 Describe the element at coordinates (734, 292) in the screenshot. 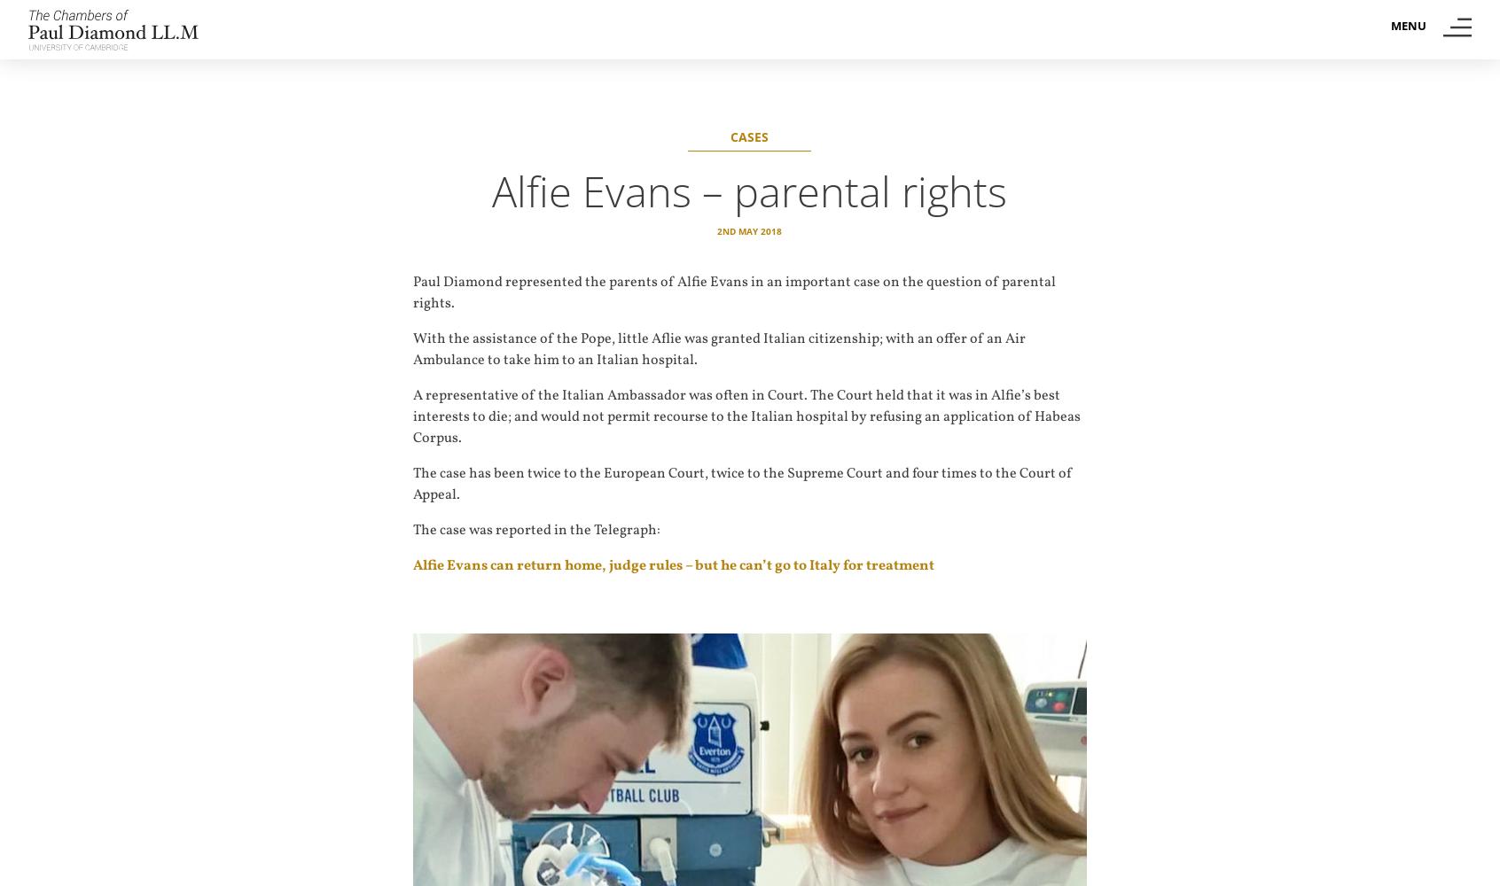

I see `'Paul Diamond represented the parents of Alfie Evans in an important case on the question of parental rights.'` at that location.